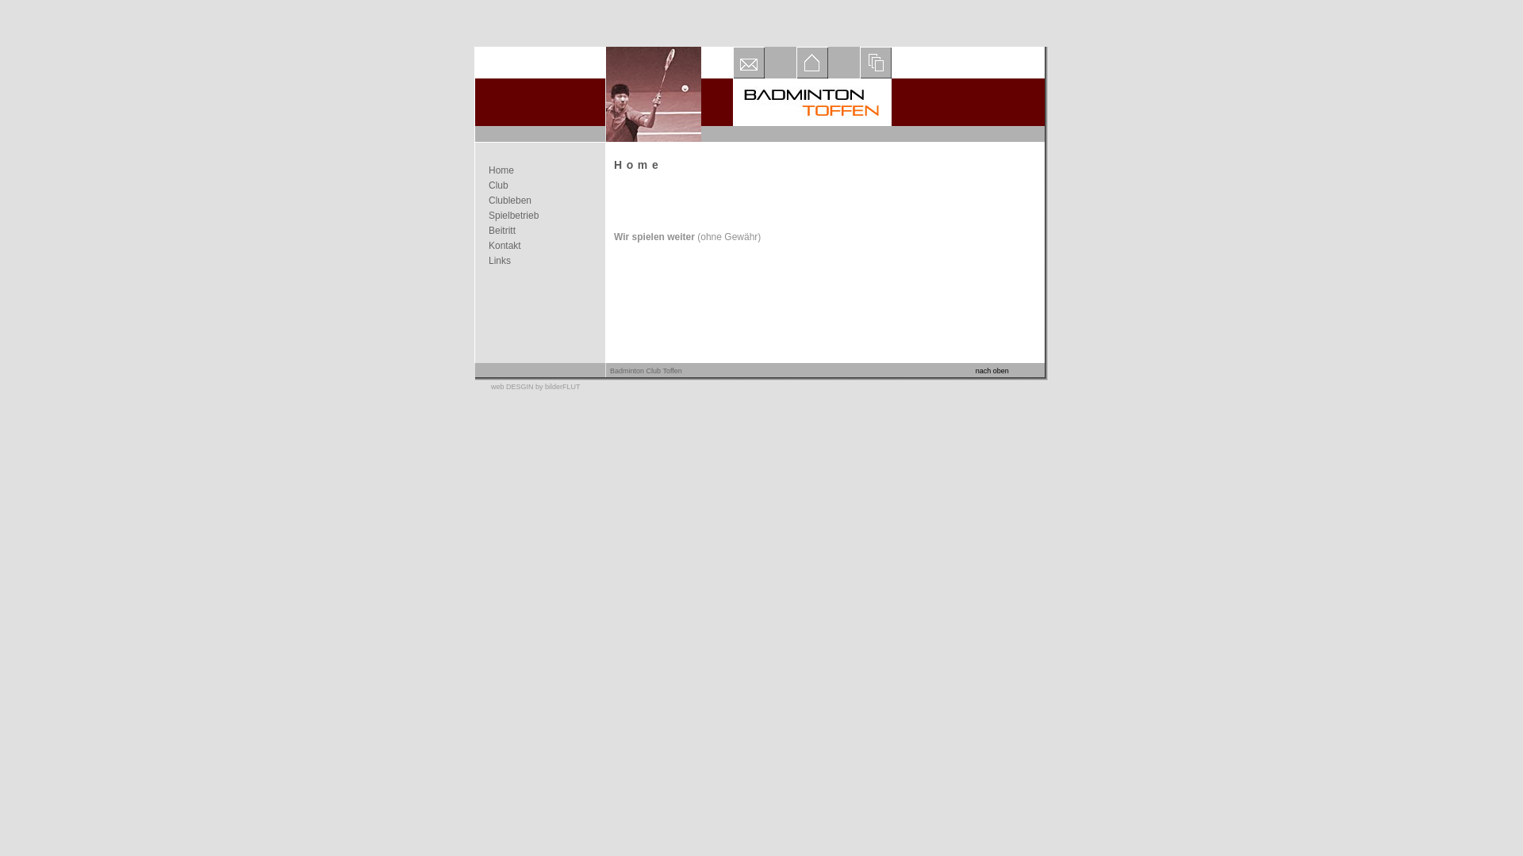 Image resolution: width=1523 pixels, height=856 pixels. What do you see at coordinates (535, 387) in the screenshot?
I see `'web DESGIN by bilderFLUT'` at bounding box center [535, 387].